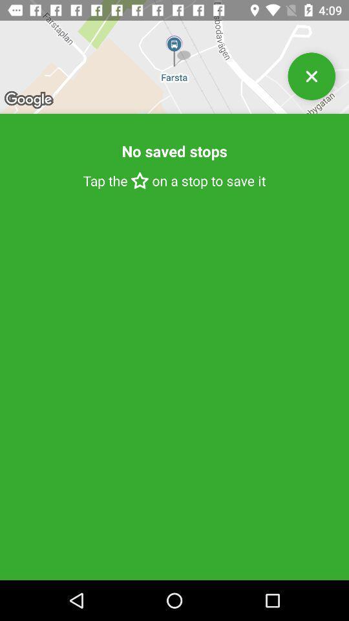 This screenshot has height=621, width=349. I want to click on the close icon, so click(311, 81).